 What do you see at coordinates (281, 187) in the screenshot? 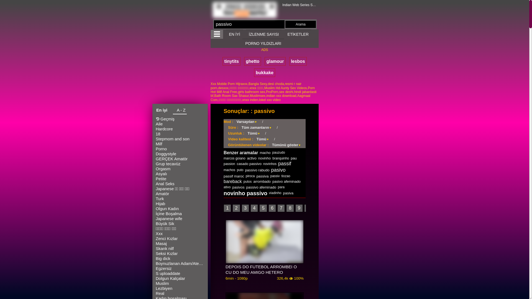
I see `'para'` at bounding box center [281, 187].